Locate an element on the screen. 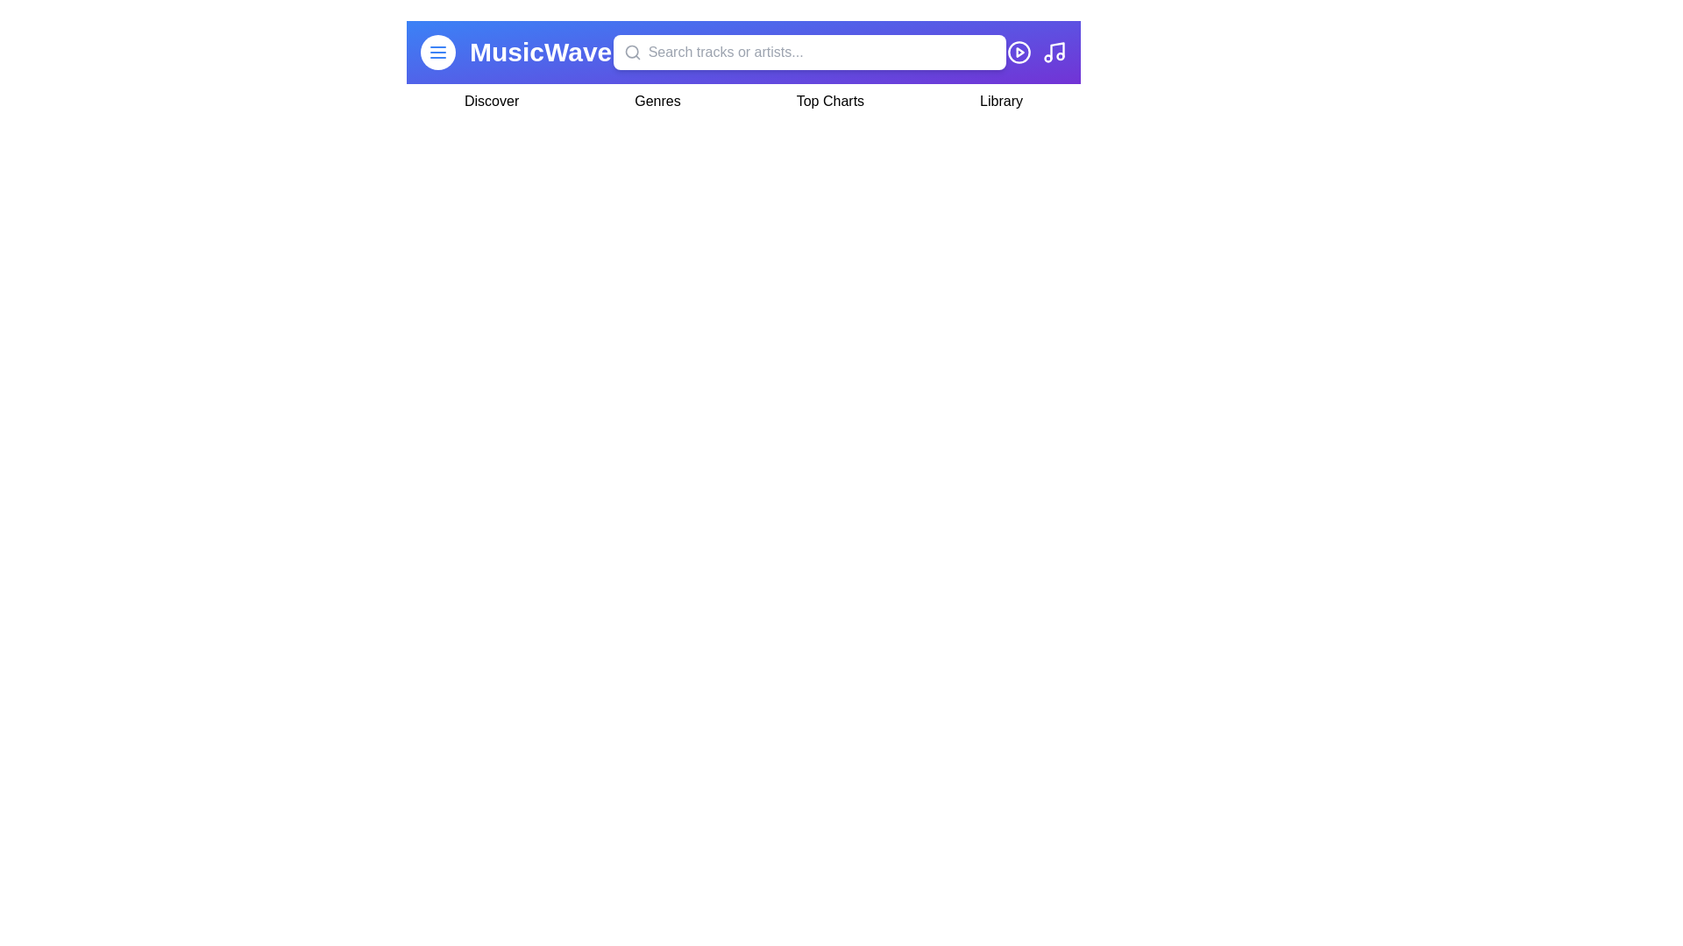  the menu icon button to toggle the menu visibility is located at coordinates (437, 52).